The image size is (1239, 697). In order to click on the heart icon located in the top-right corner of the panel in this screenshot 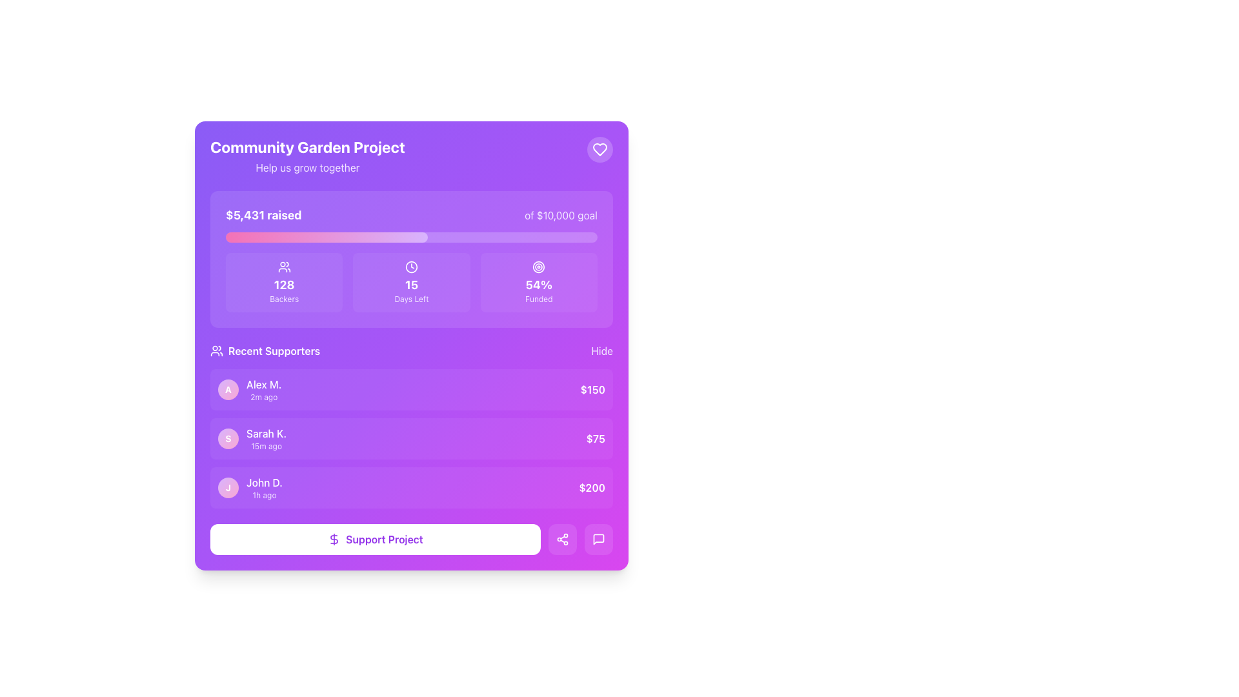, I will do `click(599, 148)`.